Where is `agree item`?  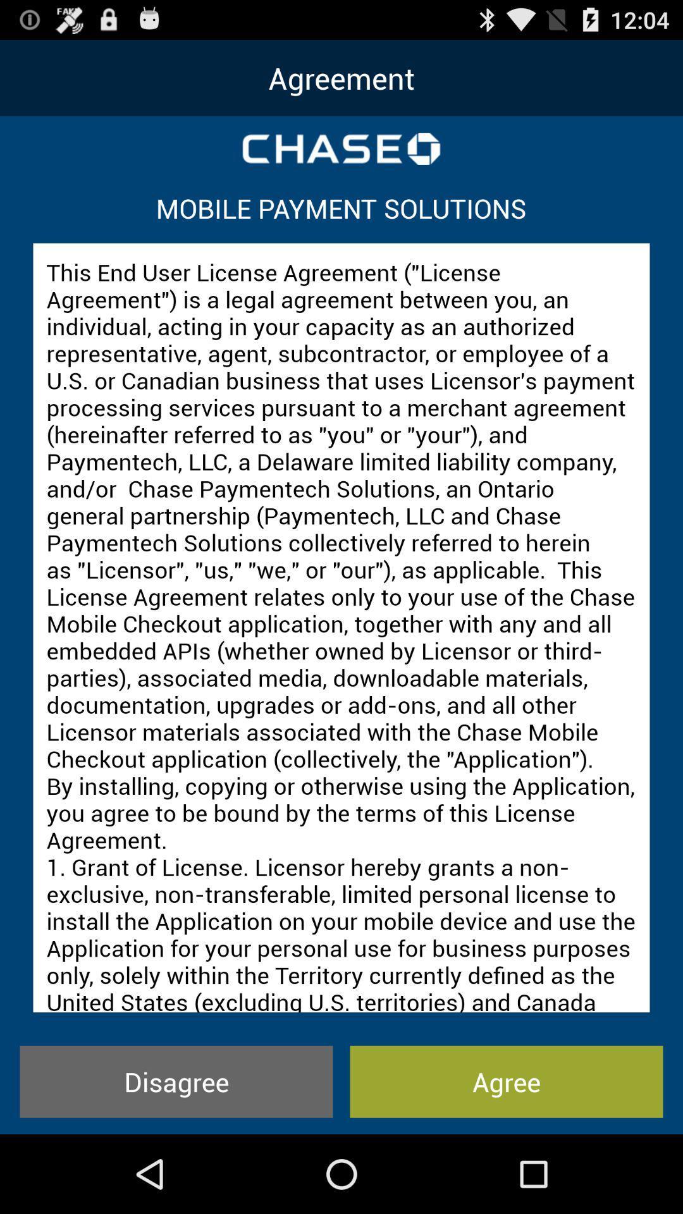
agree item is located at coordinates (506, 1081).